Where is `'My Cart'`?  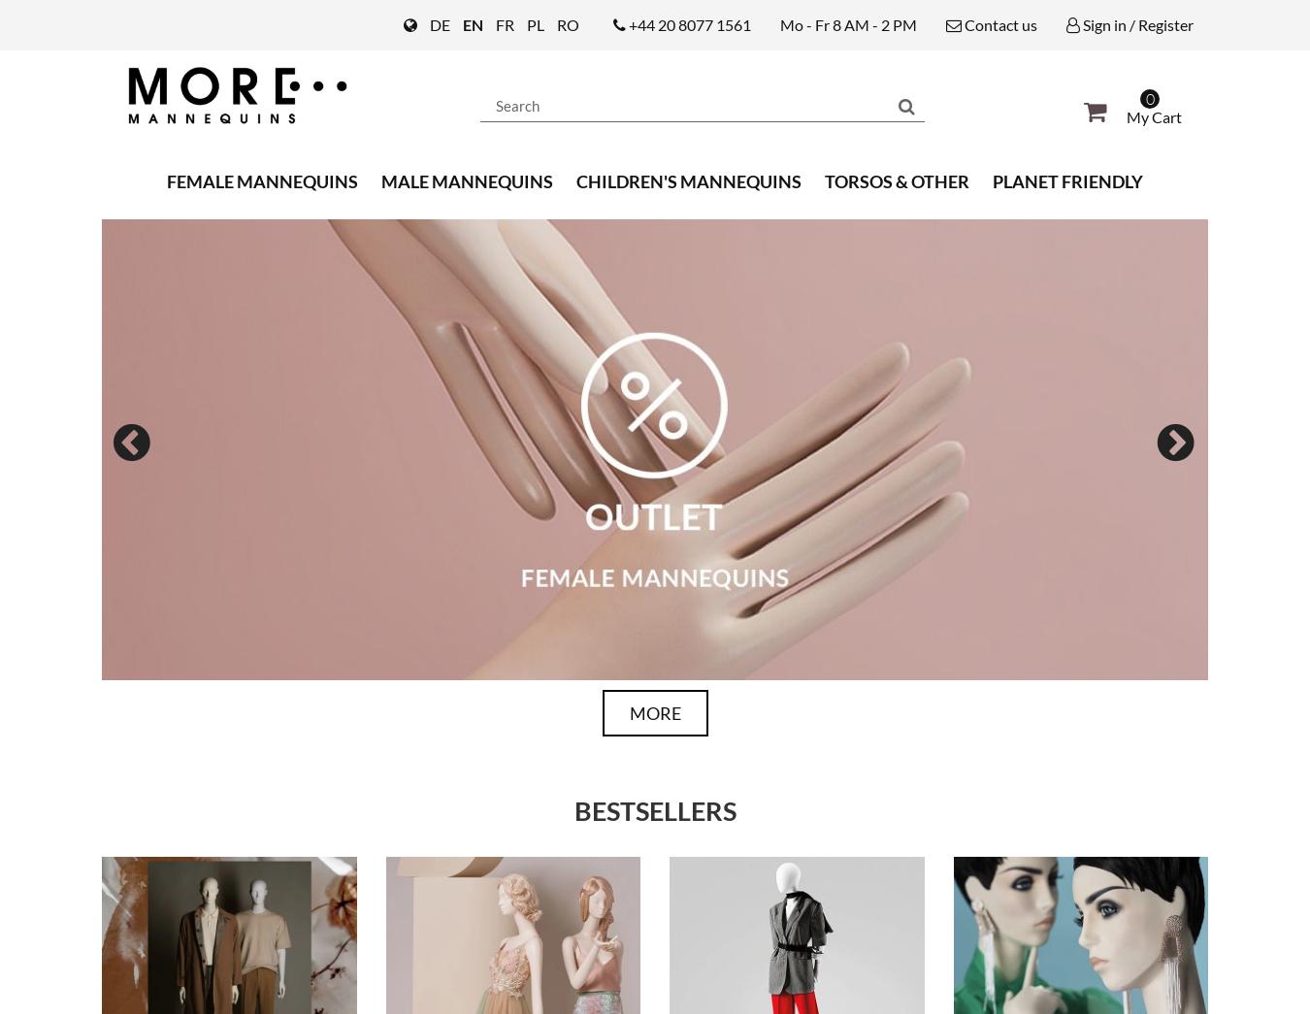 'My Cart' is located at coordinates (1152, 114).